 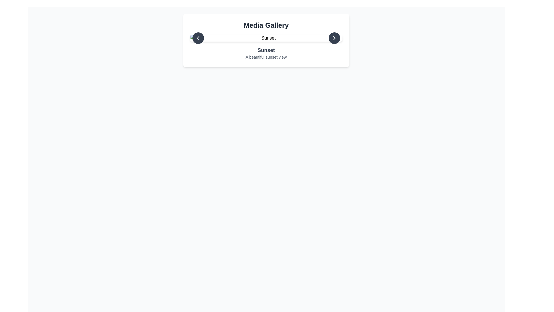 What do you see at coordinates (334, 38) in the screenshot?
I see `the navigational arrow icon located within the right-side navigational button of the layout` at bounding box center [334, 38].